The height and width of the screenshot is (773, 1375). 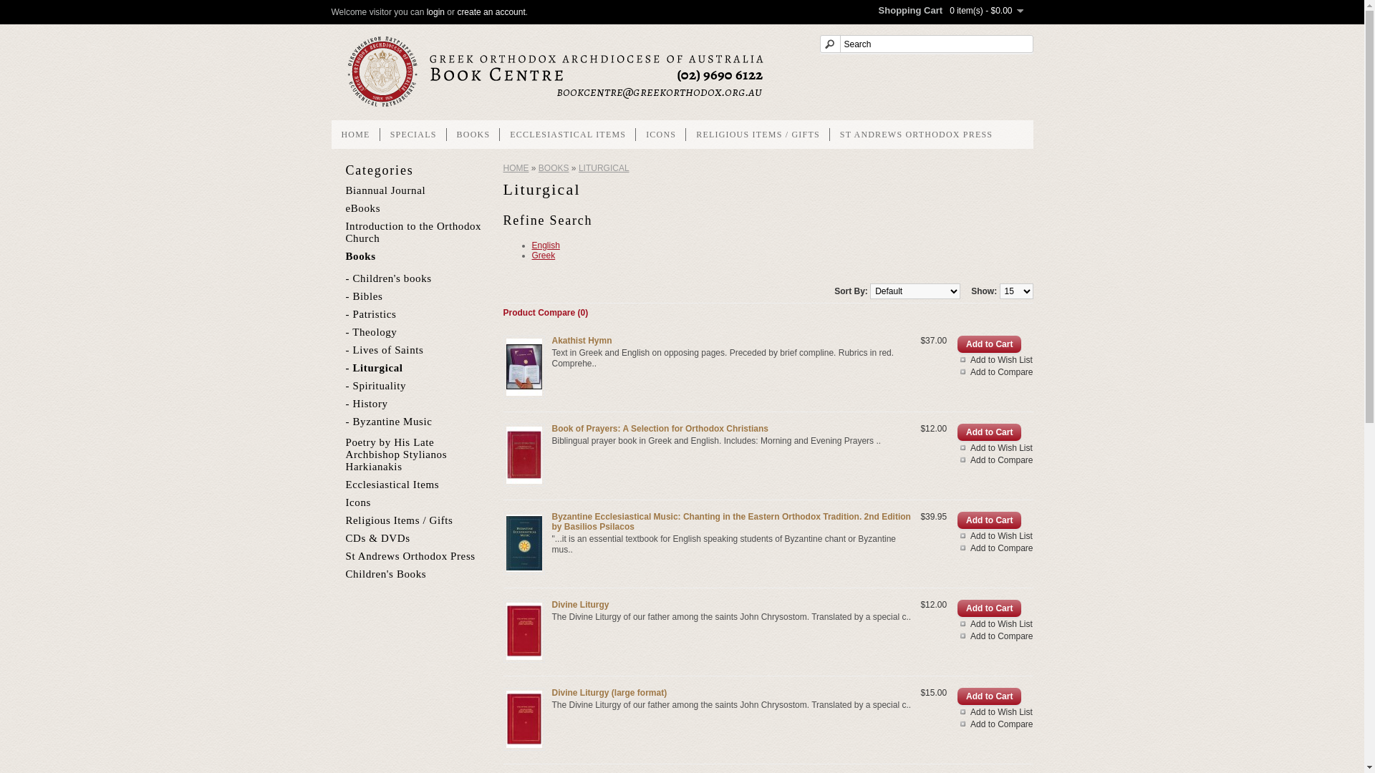 I want to click on 'Poetry by His Late Archbishop Stylianos Harkianakis', so click(x=395, y=454).